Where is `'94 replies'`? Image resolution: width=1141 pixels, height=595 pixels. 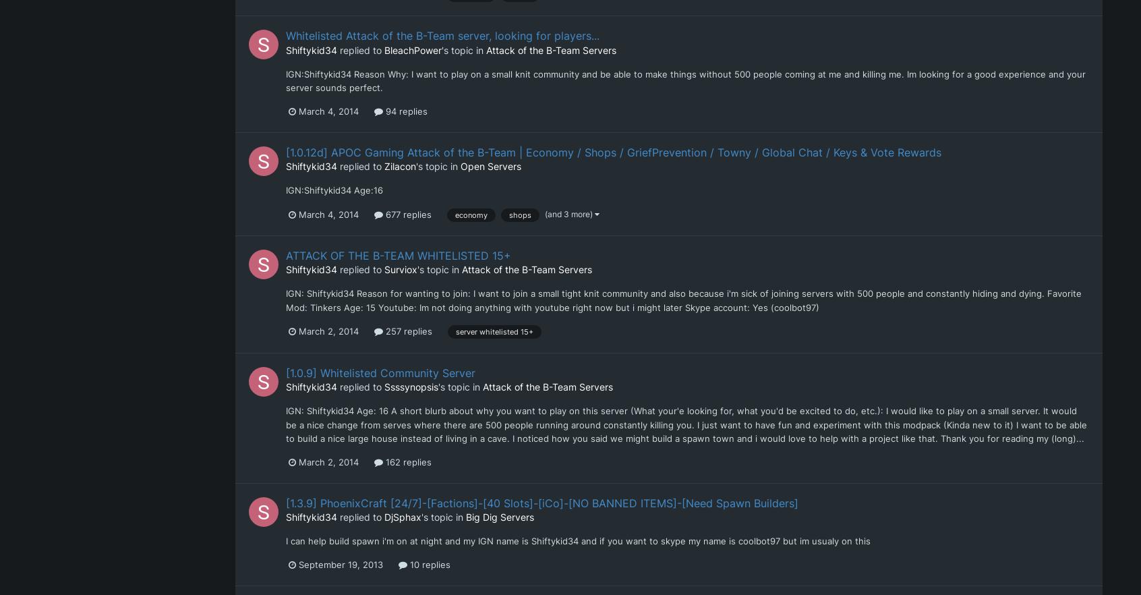 '94 replies' is located at coordinates (404, 111).